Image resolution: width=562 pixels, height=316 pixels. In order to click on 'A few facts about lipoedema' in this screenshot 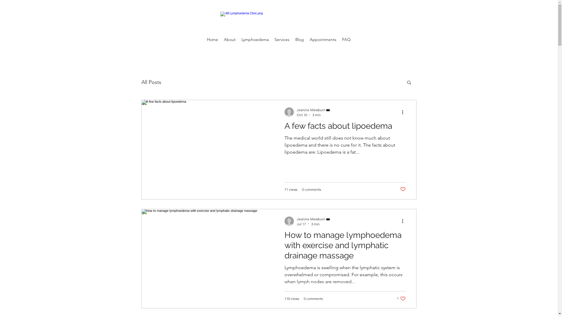, I will do `click(345, 127)`.